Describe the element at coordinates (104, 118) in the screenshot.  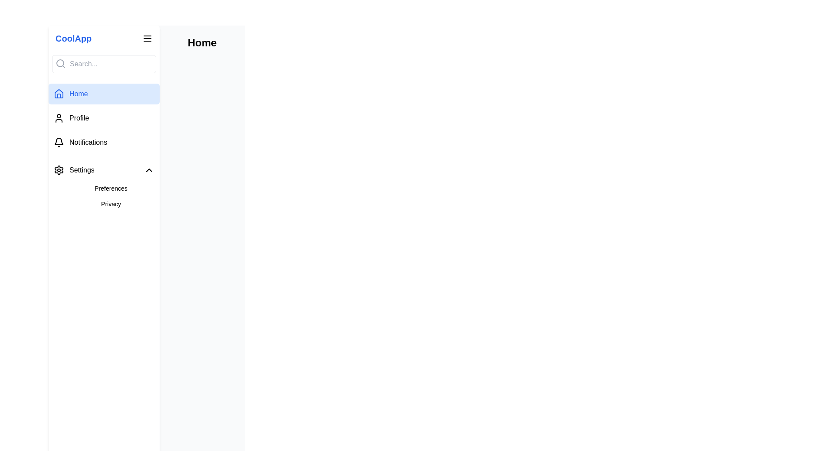
I see `the 'Profile' navigation menu item located in the sidebar, positioned below 'Home' and above 'Notifications'` at that location.